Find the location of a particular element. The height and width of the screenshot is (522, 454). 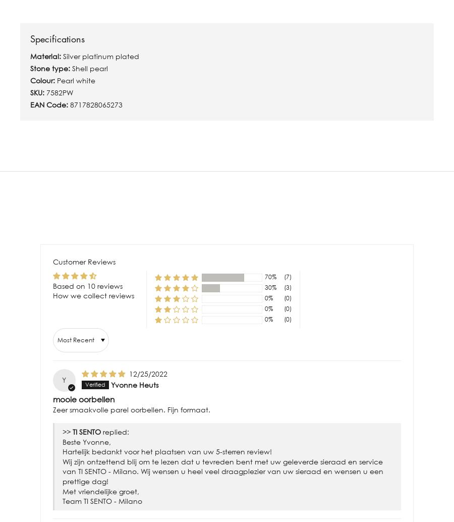

'Team TI SENTO - Milano' is located at coordinates (102, 500).